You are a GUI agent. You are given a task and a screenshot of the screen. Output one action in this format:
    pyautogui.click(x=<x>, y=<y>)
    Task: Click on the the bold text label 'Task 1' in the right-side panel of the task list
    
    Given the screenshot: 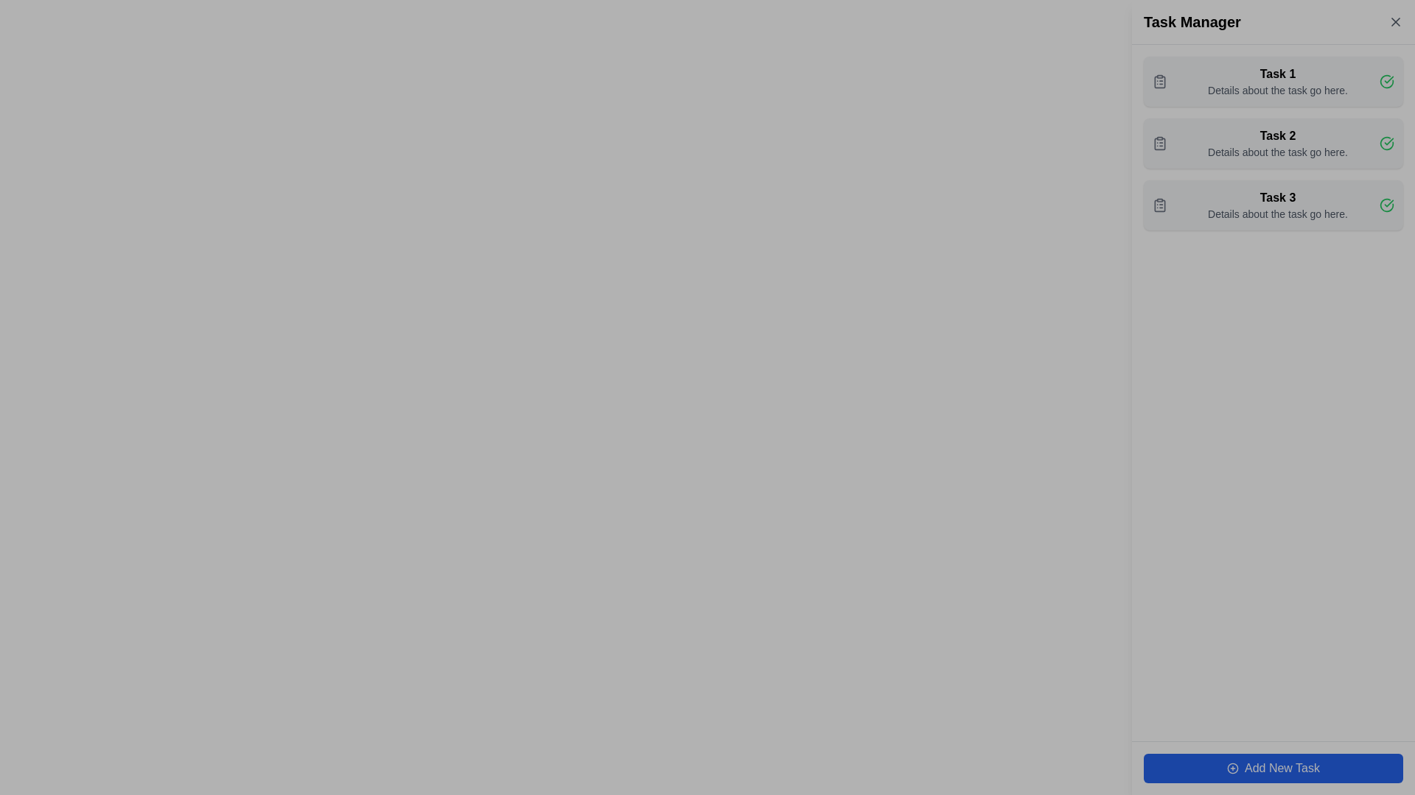 What is the action you would take?
    pyautogui.click(x=1276, y=74)
    